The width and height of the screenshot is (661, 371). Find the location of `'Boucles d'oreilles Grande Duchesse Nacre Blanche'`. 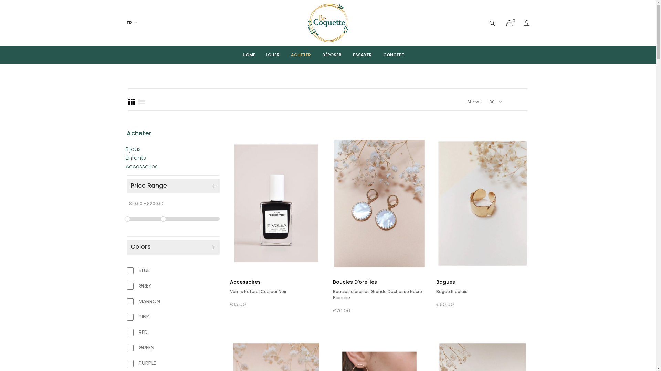

'Boucles d'oreilles Grande Duchesse Nacre Blanche' is located at coordinates (377, 294).